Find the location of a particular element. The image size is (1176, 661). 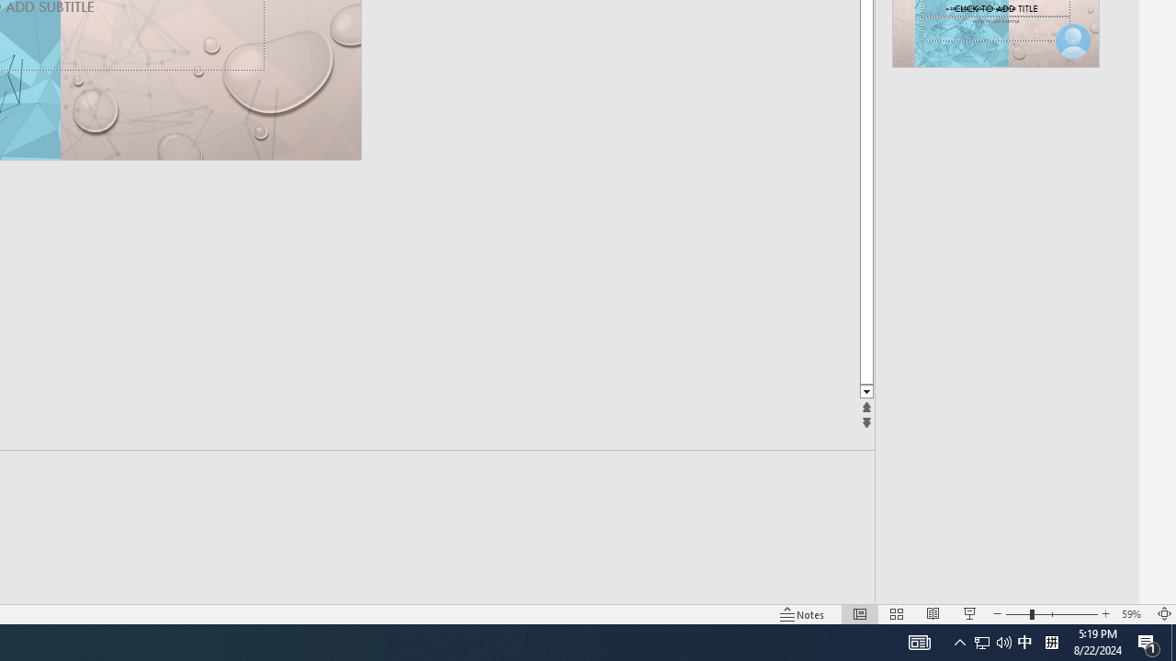

'Zoom 59%' is located at coordinates (1133, 614).